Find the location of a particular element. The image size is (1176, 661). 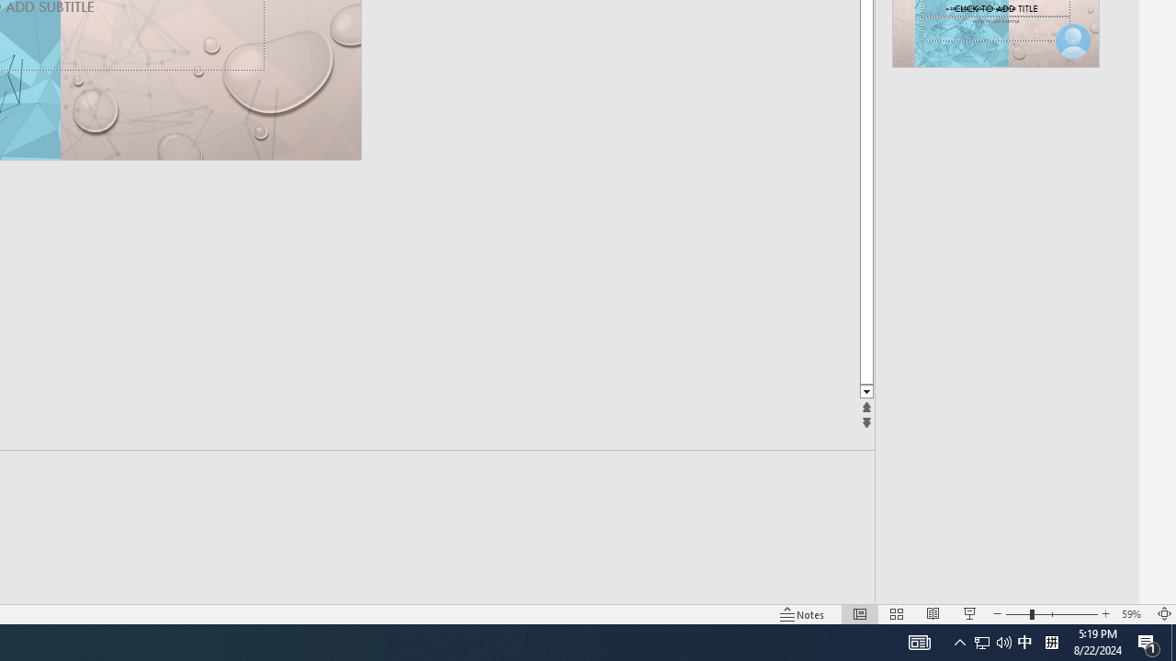

'Zoom 59%' is located at coordinates (1133, 614).